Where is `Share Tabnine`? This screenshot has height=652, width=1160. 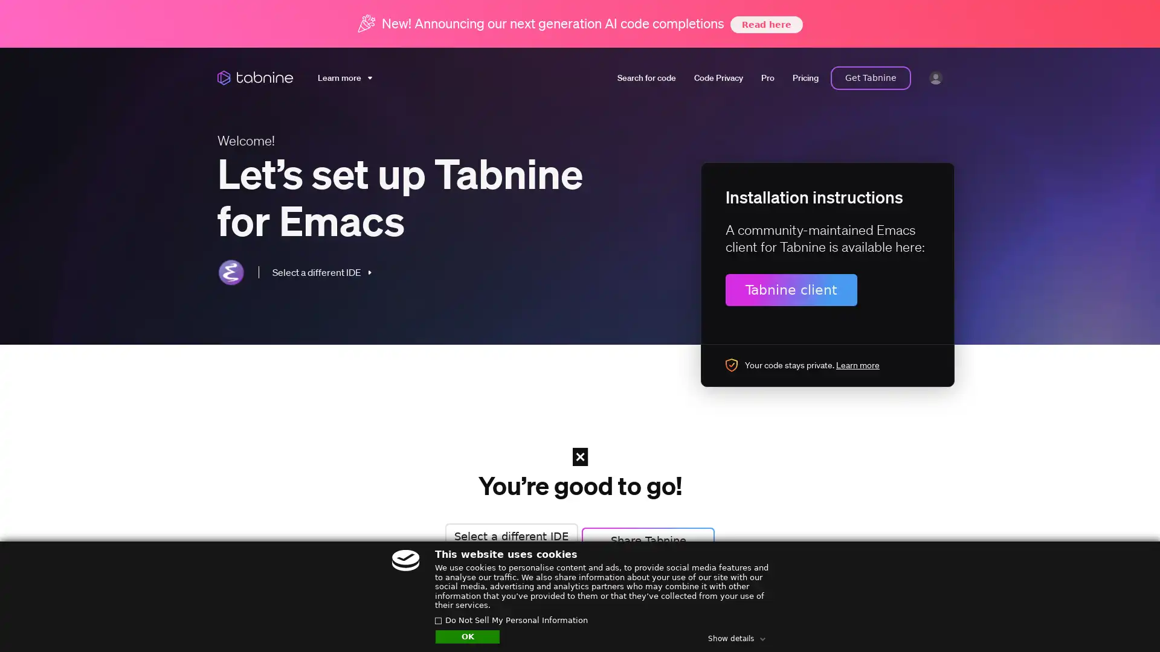
Share Tabnine is located at coordinates (652, 535).